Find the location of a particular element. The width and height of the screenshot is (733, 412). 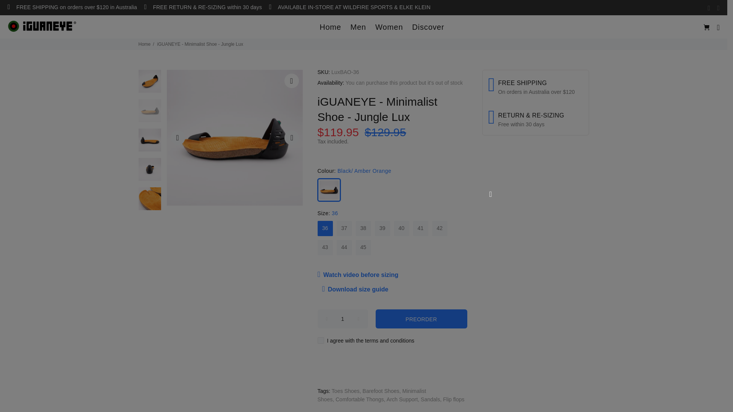

'Men' is located at coordinates (358, 26).